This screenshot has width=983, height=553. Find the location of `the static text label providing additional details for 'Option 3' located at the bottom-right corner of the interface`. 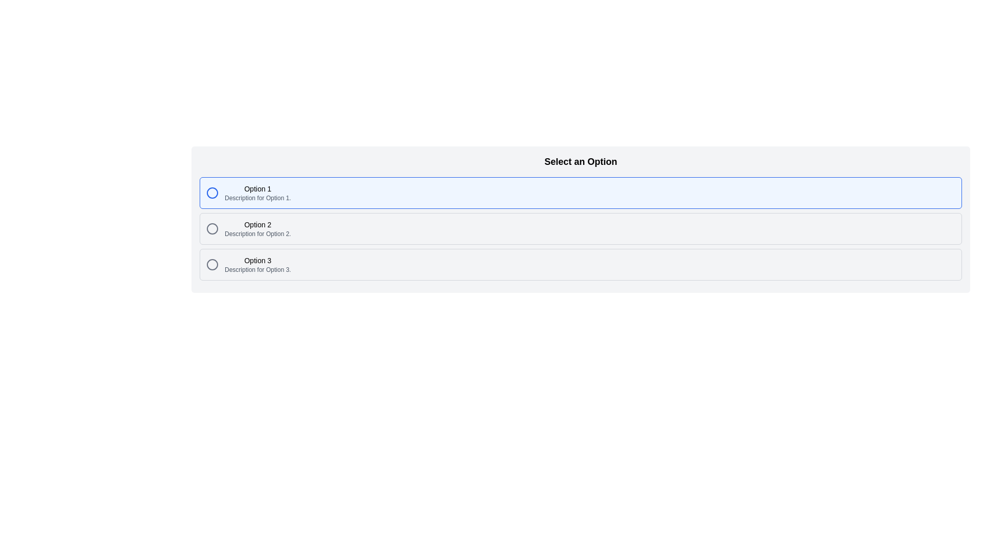

the static text label providing additional details for 'Option 3' located at the bottom-right corner of the interface is located at coordinates (258, 269).